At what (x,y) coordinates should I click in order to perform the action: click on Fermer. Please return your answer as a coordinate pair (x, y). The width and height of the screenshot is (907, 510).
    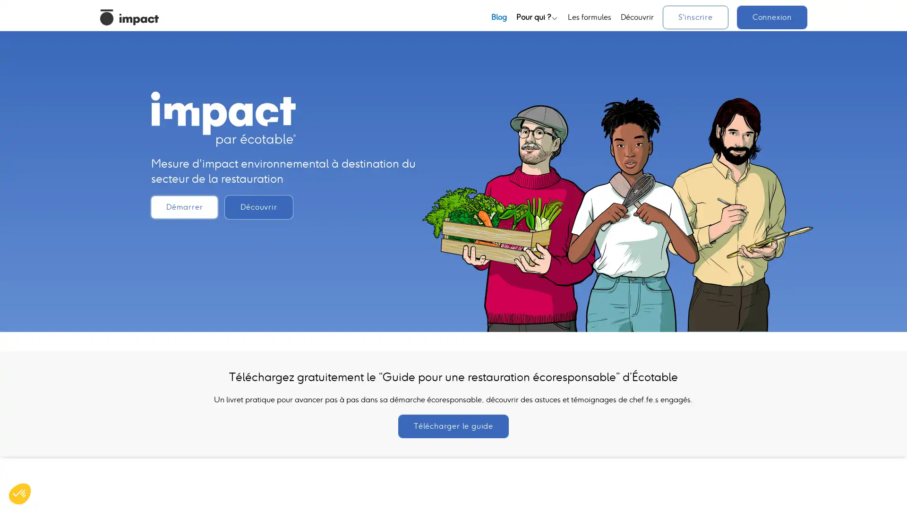
    Looking at the image, I should click on (20, 493).